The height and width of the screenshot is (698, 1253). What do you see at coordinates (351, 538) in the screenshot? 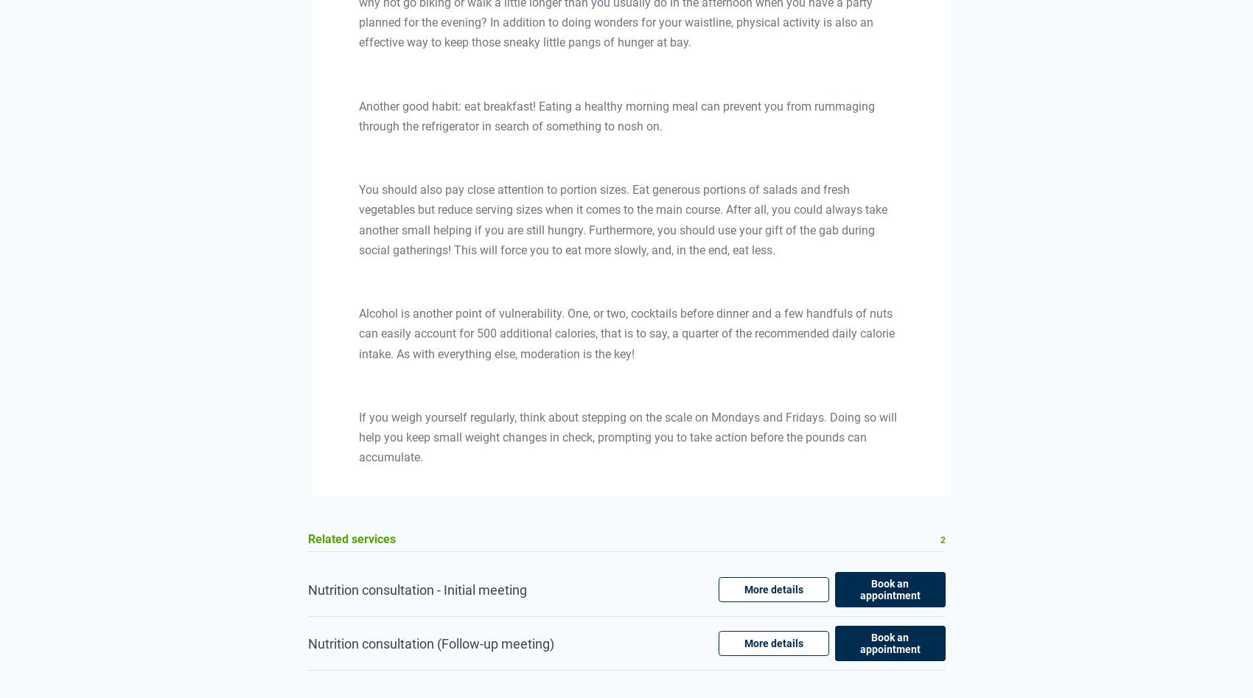
I see `'Related services'` at bounding box center [351, 538].